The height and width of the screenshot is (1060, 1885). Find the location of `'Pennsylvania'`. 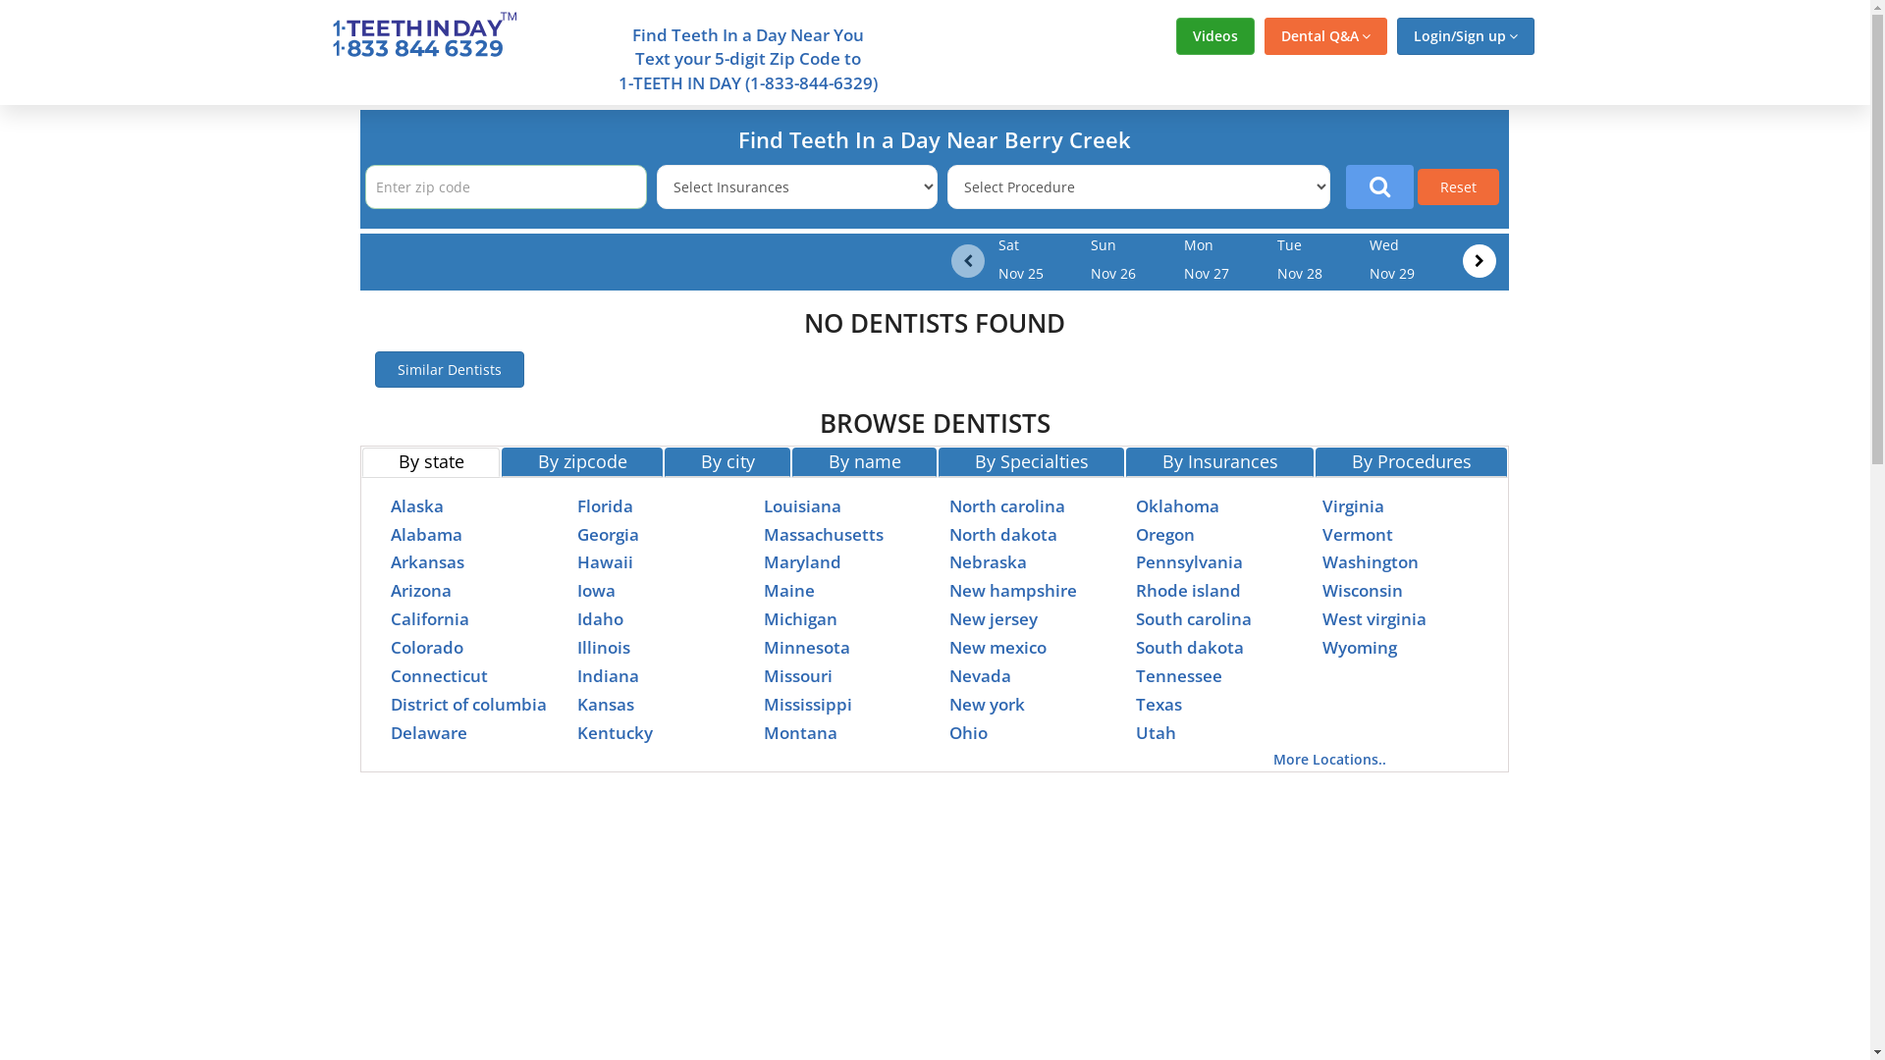

'Pennsylvania' is located at coordinates (1188, 561).